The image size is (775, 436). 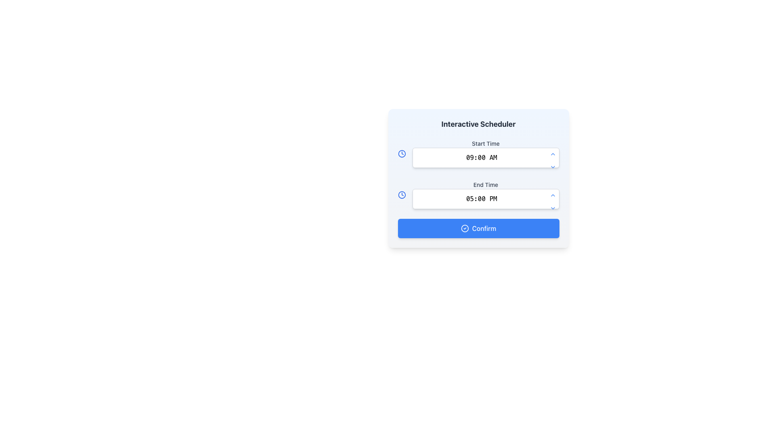 I want to click on the upward-pointing chevron icon, which is part of the dropdown mechanism for the 'End Time' input field in the second time selector, so click(x=552, y=195).